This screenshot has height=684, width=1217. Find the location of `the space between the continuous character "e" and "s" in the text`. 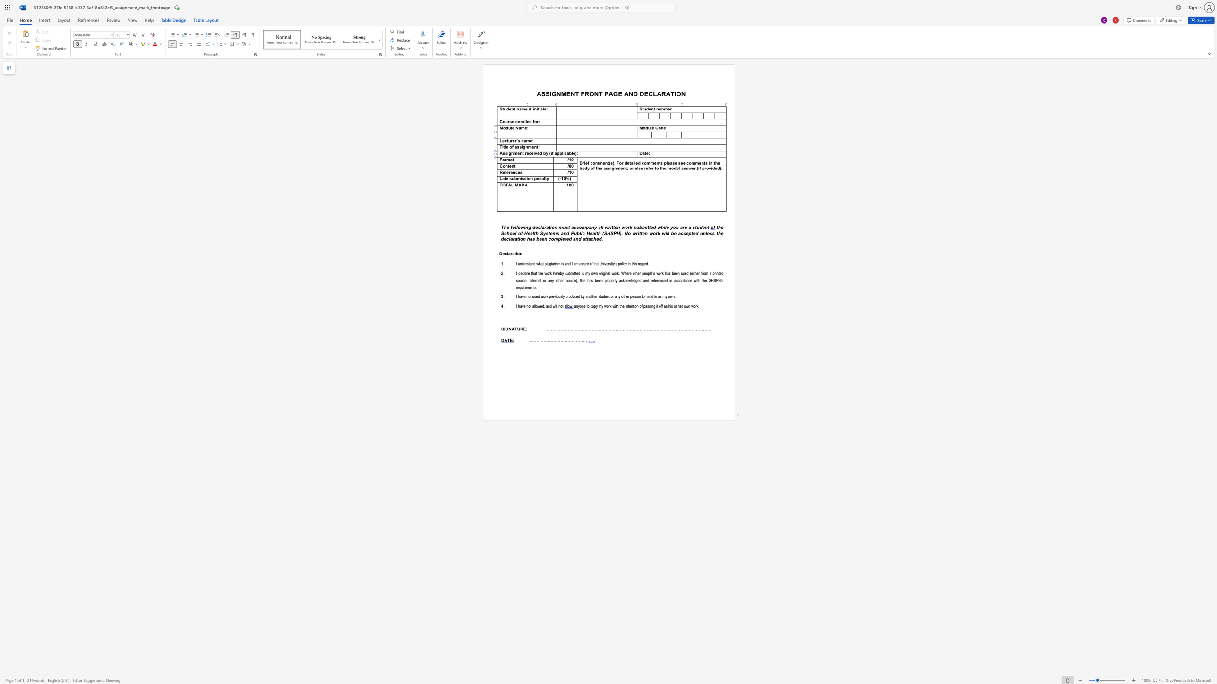

the space between the continuous character "e" and "s" in the text is located at coordinates (520, 172).